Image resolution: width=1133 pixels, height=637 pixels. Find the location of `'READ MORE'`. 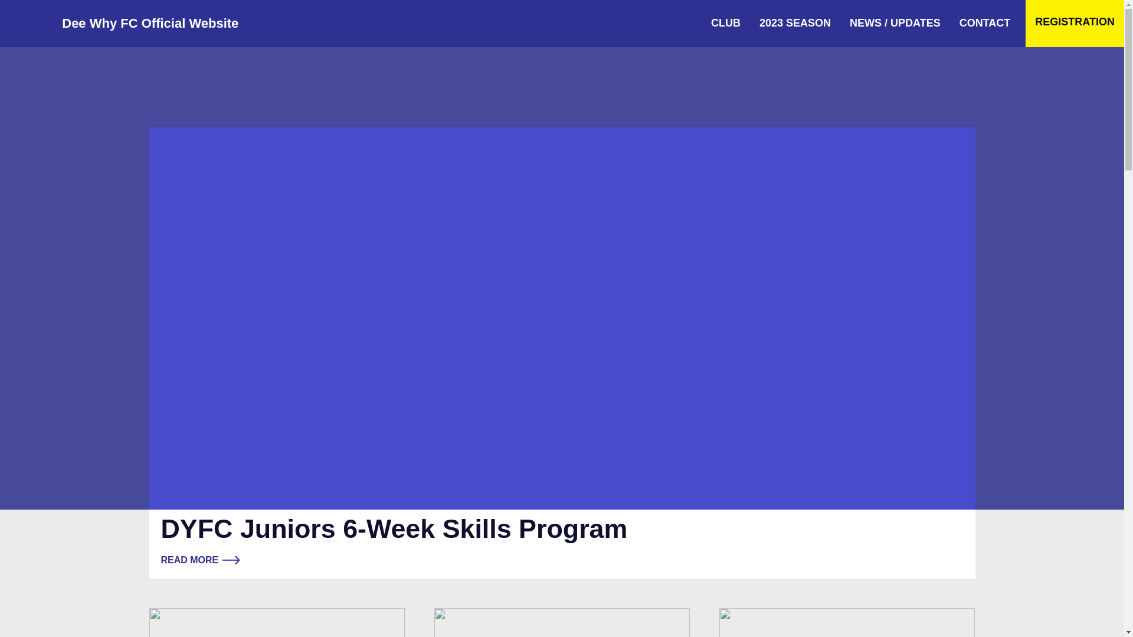

'READ MORE' is located at coordinates (200, 559).